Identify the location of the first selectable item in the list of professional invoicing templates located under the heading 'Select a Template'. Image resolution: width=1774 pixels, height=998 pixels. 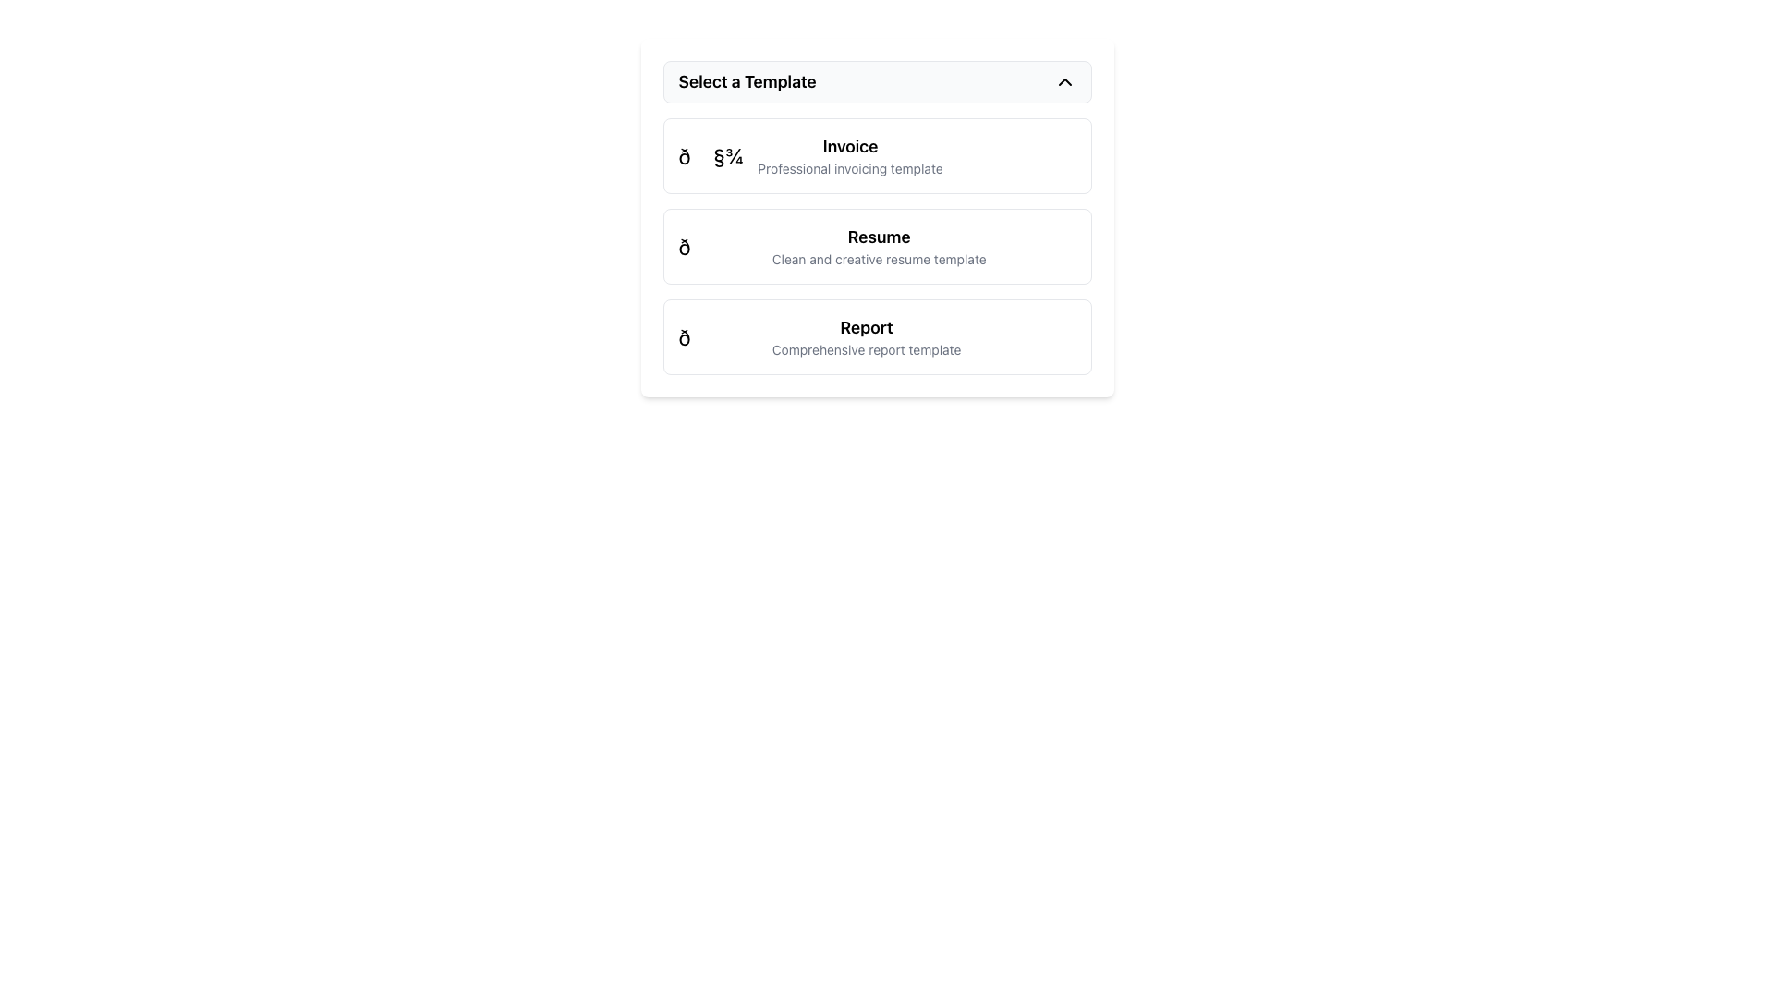
(876, 155).